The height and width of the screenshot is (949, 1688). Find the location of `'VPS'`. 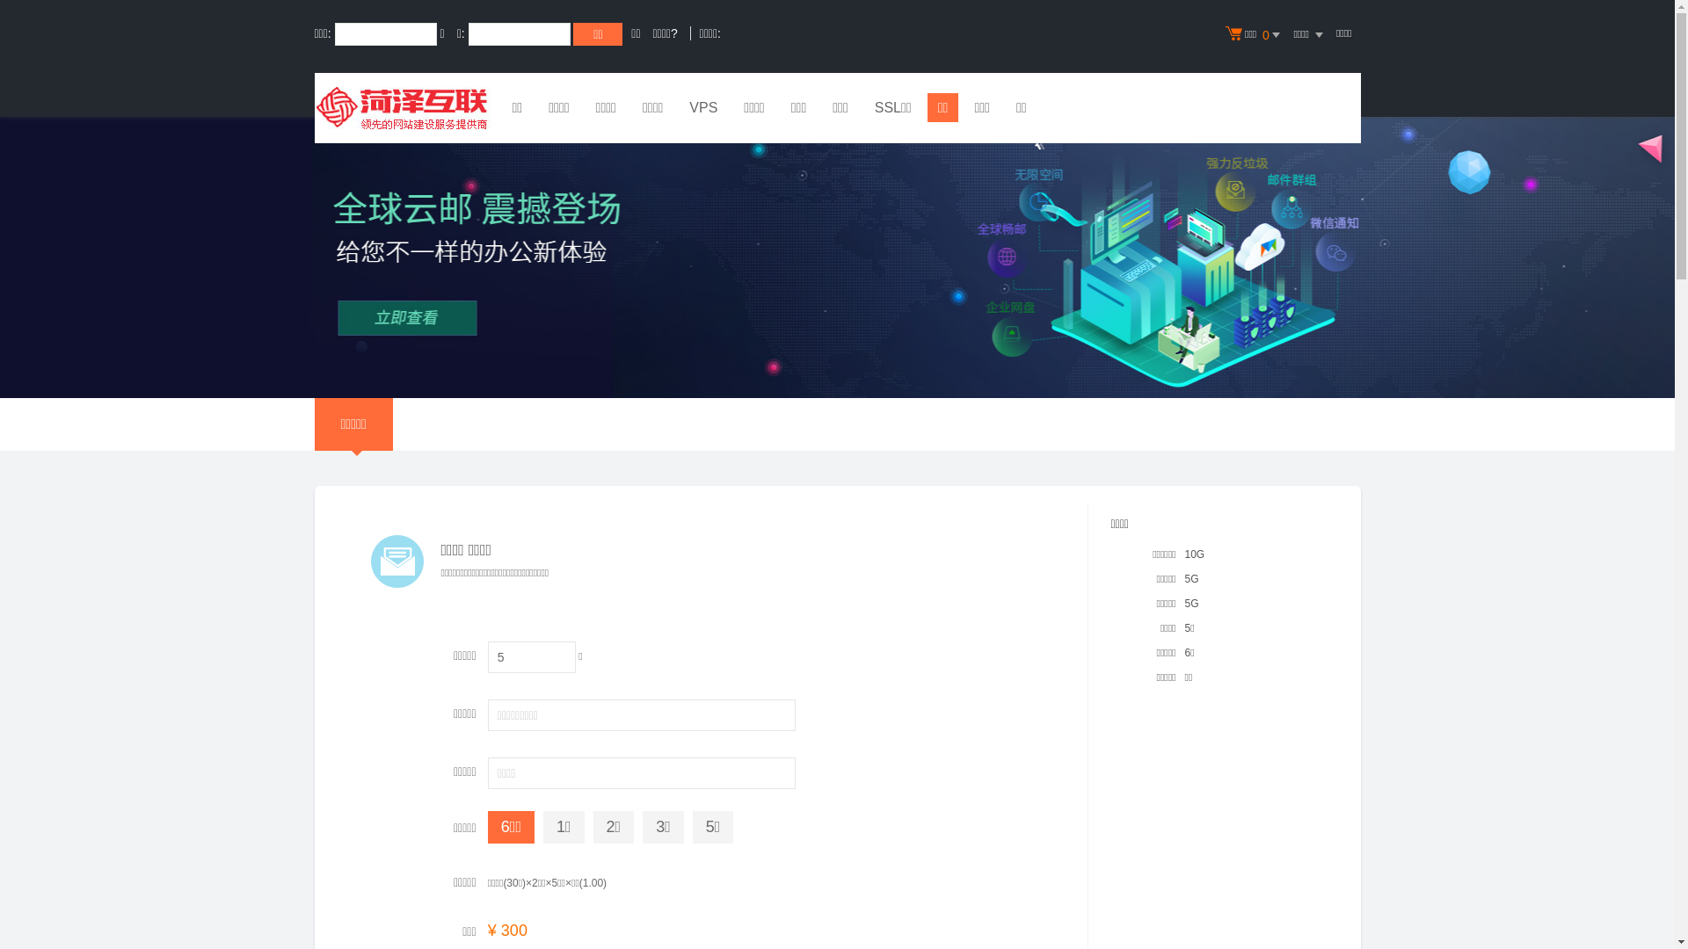

'VPS' is located at coordinates (703, 109).